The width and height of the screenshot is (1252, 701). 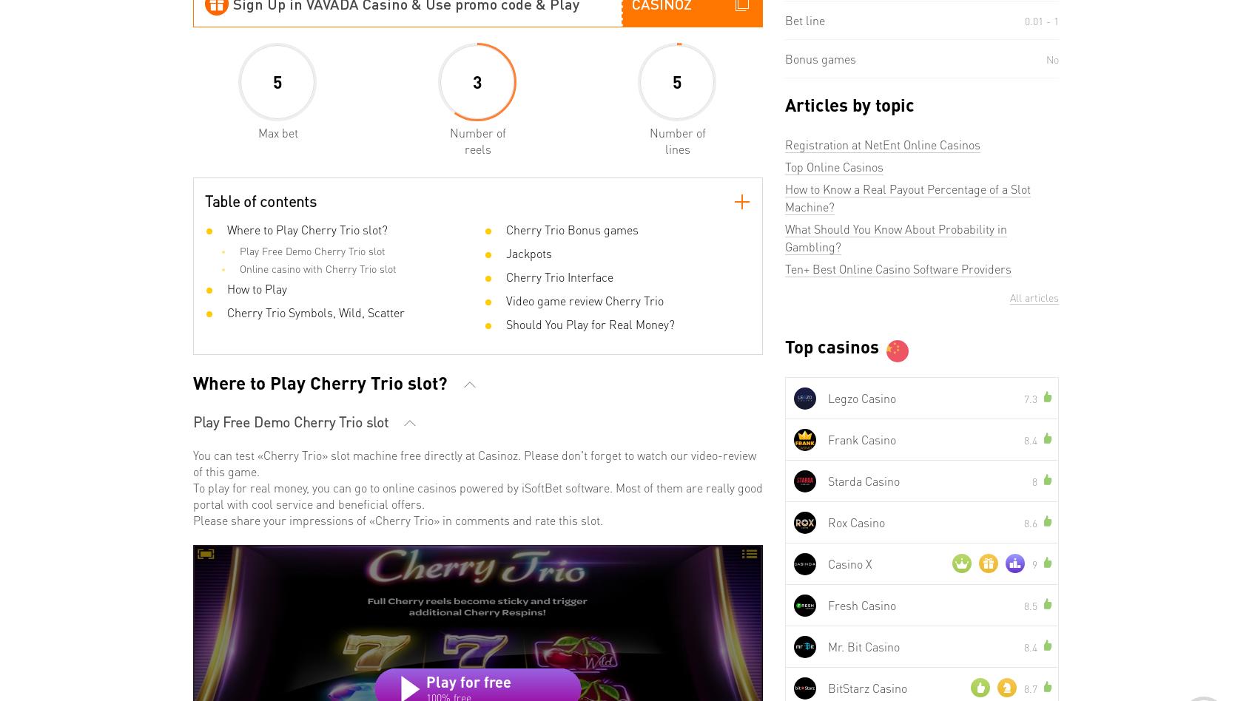 I want to click on 'Ten+ Best Online Casino Software Providers', so click(x=898, y=268).